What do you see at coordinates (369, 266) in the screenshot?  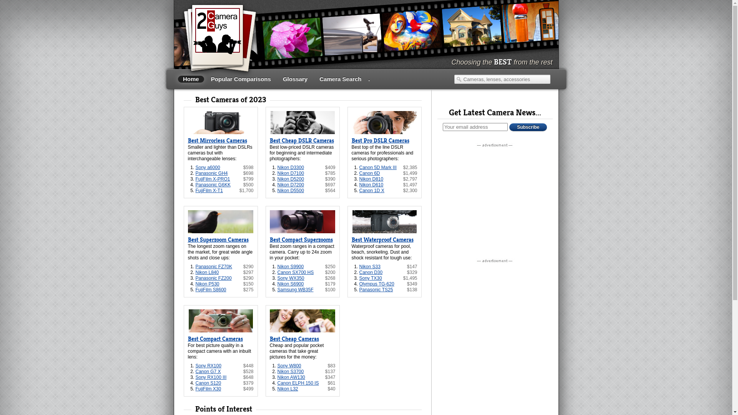 I see `'Nikon S33'` at bounding box center [369, 266].